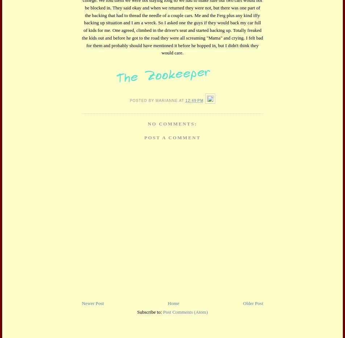 This screenshot has height=338, width=345. I want to click on 'Home', so click(173, 303).